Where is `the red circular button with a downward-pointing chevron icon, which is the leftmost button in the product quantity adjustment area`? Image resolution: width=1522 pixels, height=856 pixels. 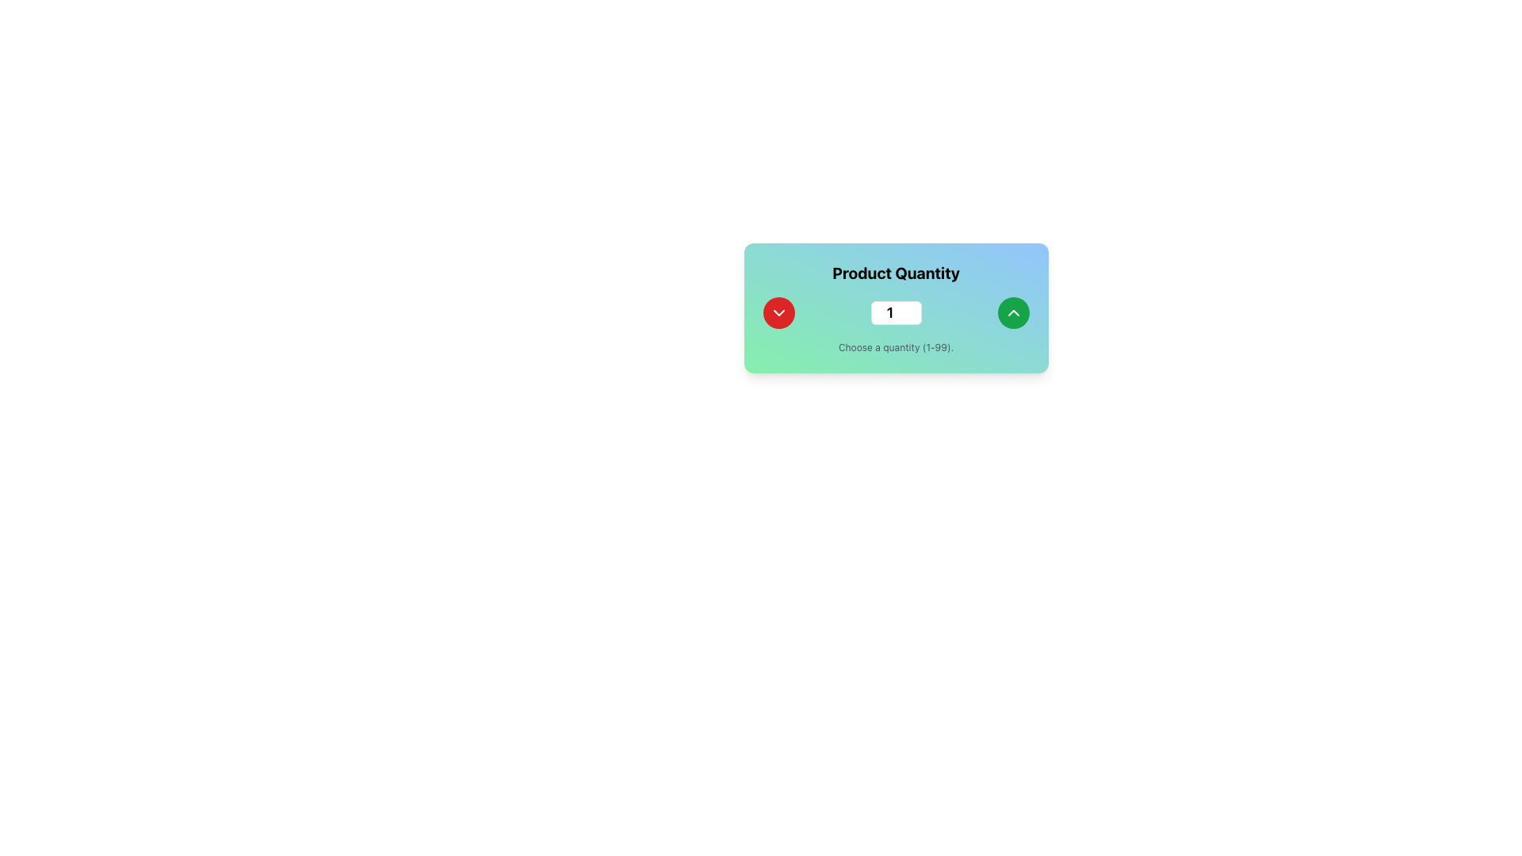 the red circular button with a downward-pointing chevron icon, which is the leftmost button in the product quantity adjustment area is located at coordinates (778, 312).